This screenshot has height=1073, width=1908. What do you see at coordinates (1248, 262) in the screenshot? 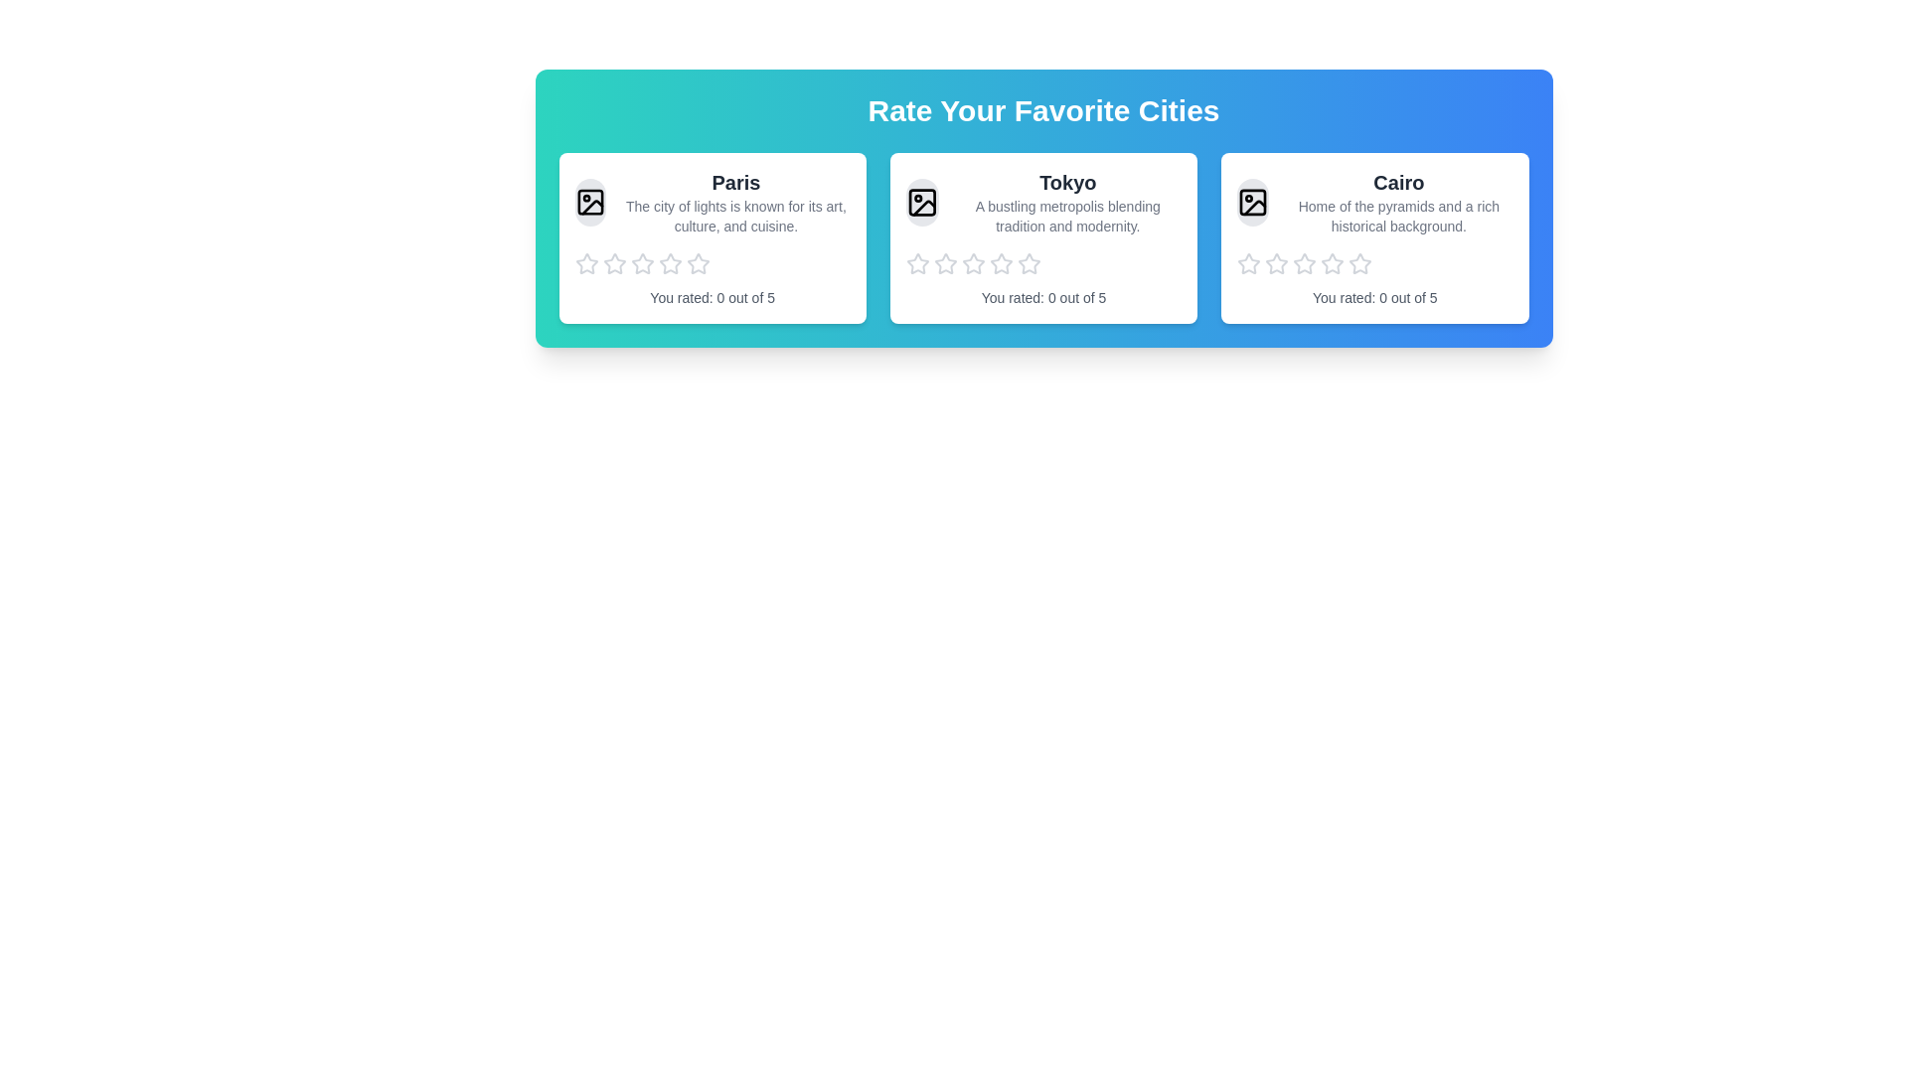
I see `the first star-shaped icon in the row of rating stars below the 'Cairo' city card, which is outlined in gray` at bounding box center [1248, 262].